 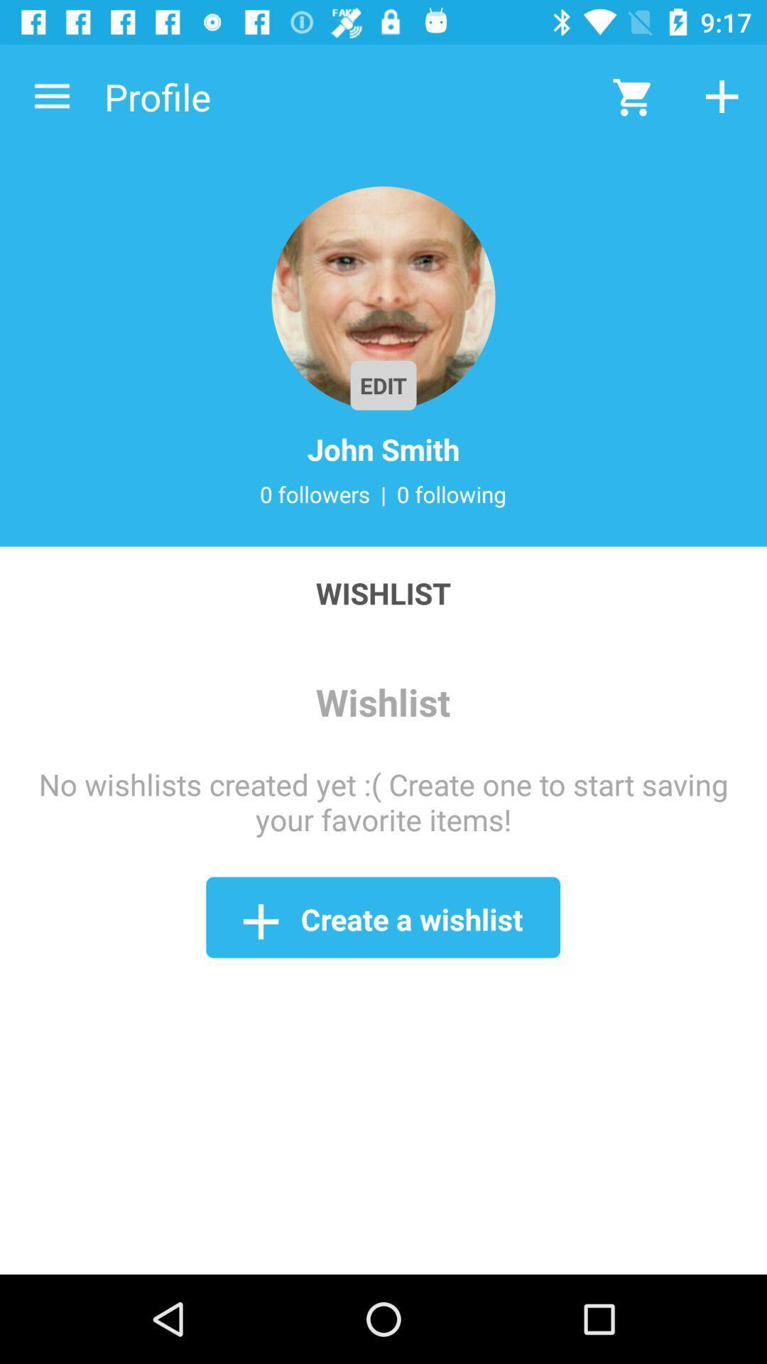 What do you see at coordinates (51, 96) in the screenshot?
I see `the icon to the left of the profile` at bounding box center [51, 96].